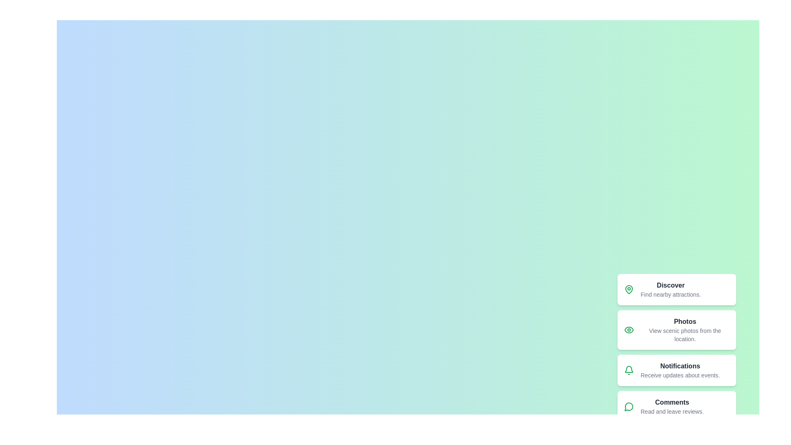 This screenshot has height=445, width=791. I want to click on the menu item labeled Comments from the speed dial menu, so click(676, 406).